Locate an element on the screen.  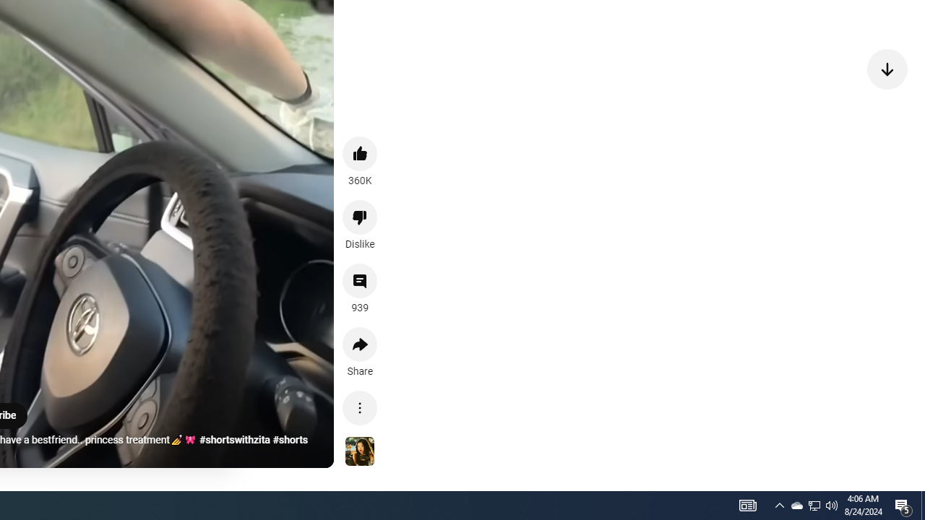
'View 939 comments' is located at coordinates (360, 281).